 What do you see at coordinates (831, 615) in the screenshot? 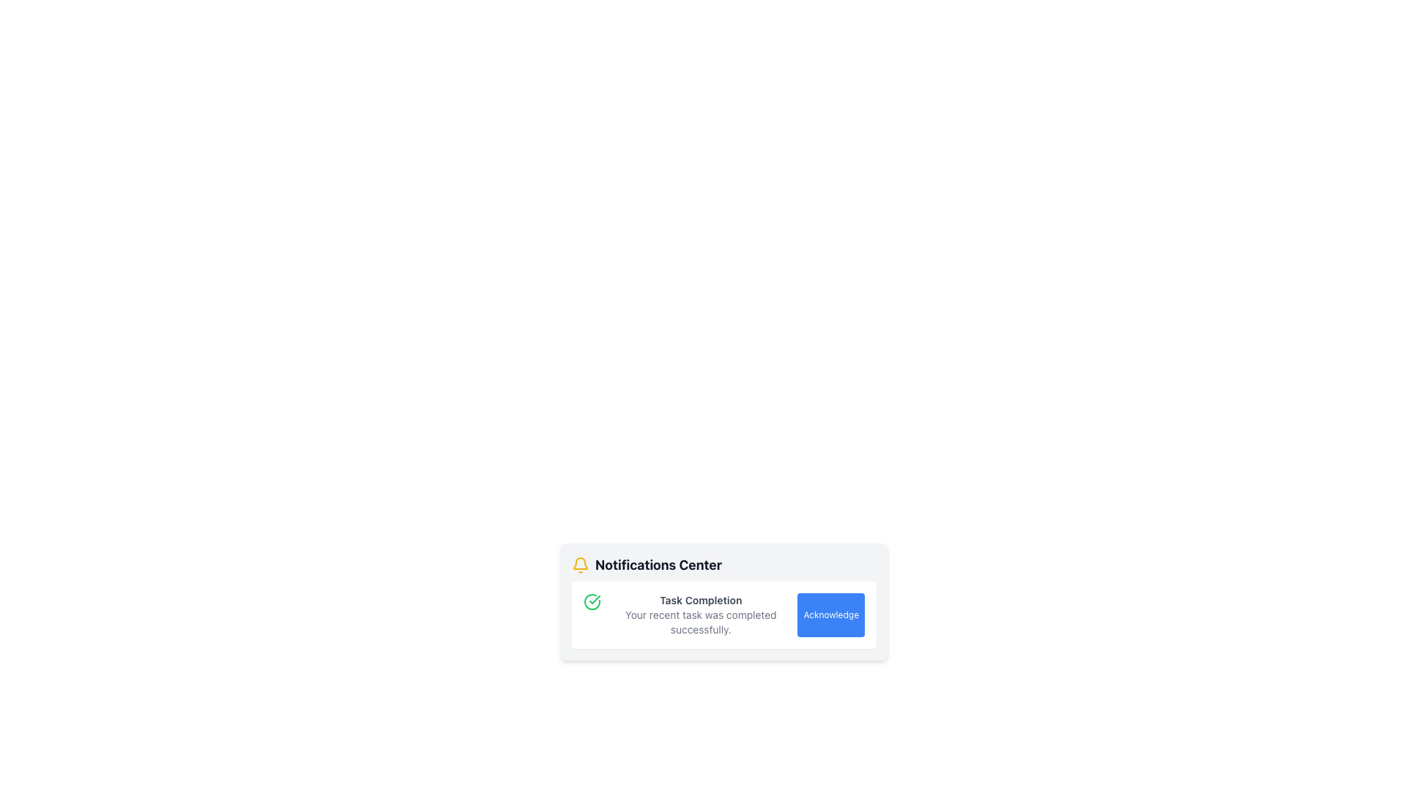
I see `the 'Acknowledge' button with a blue background and white text located at the bottom-right corner of the notification card` at bounding box center [831, 615].